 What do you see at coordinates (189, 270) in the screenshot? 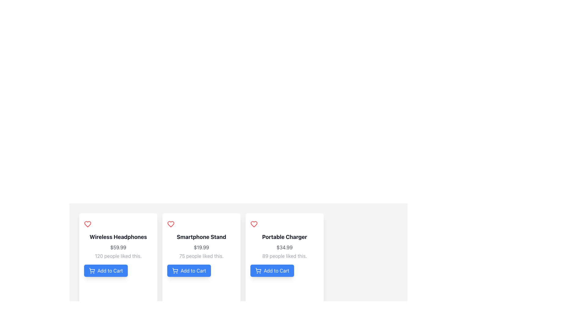
I see `the 'Add to Cart' button located within the 'Smartphone Stand' product card` at bounding box center [189, 270].